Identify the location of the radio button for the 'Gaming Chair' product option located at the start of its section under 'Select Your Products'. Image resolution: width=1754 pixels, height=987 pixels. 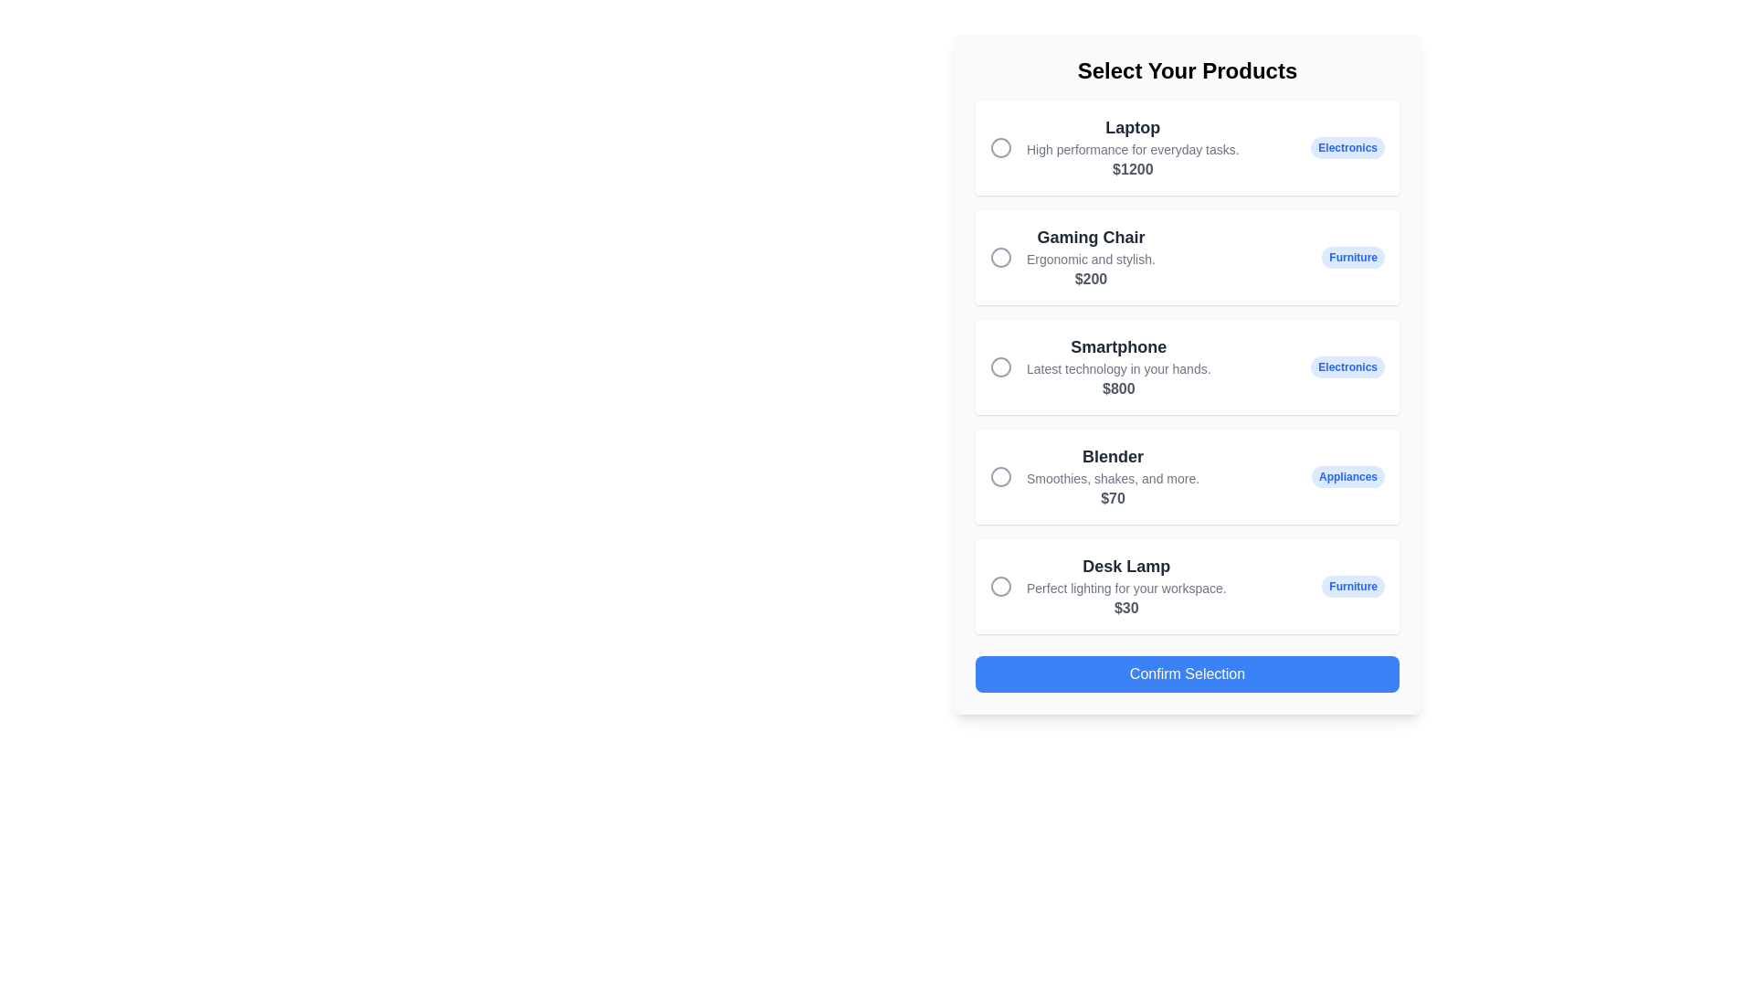
(999, 257).